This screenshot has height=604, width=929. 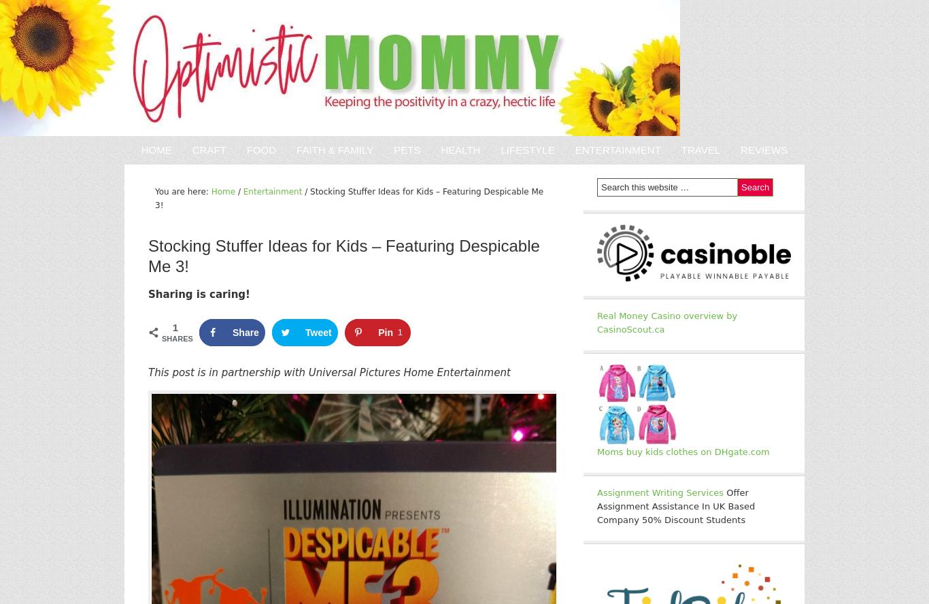 I want to click on 'Travel', so click(x=699, y=149).